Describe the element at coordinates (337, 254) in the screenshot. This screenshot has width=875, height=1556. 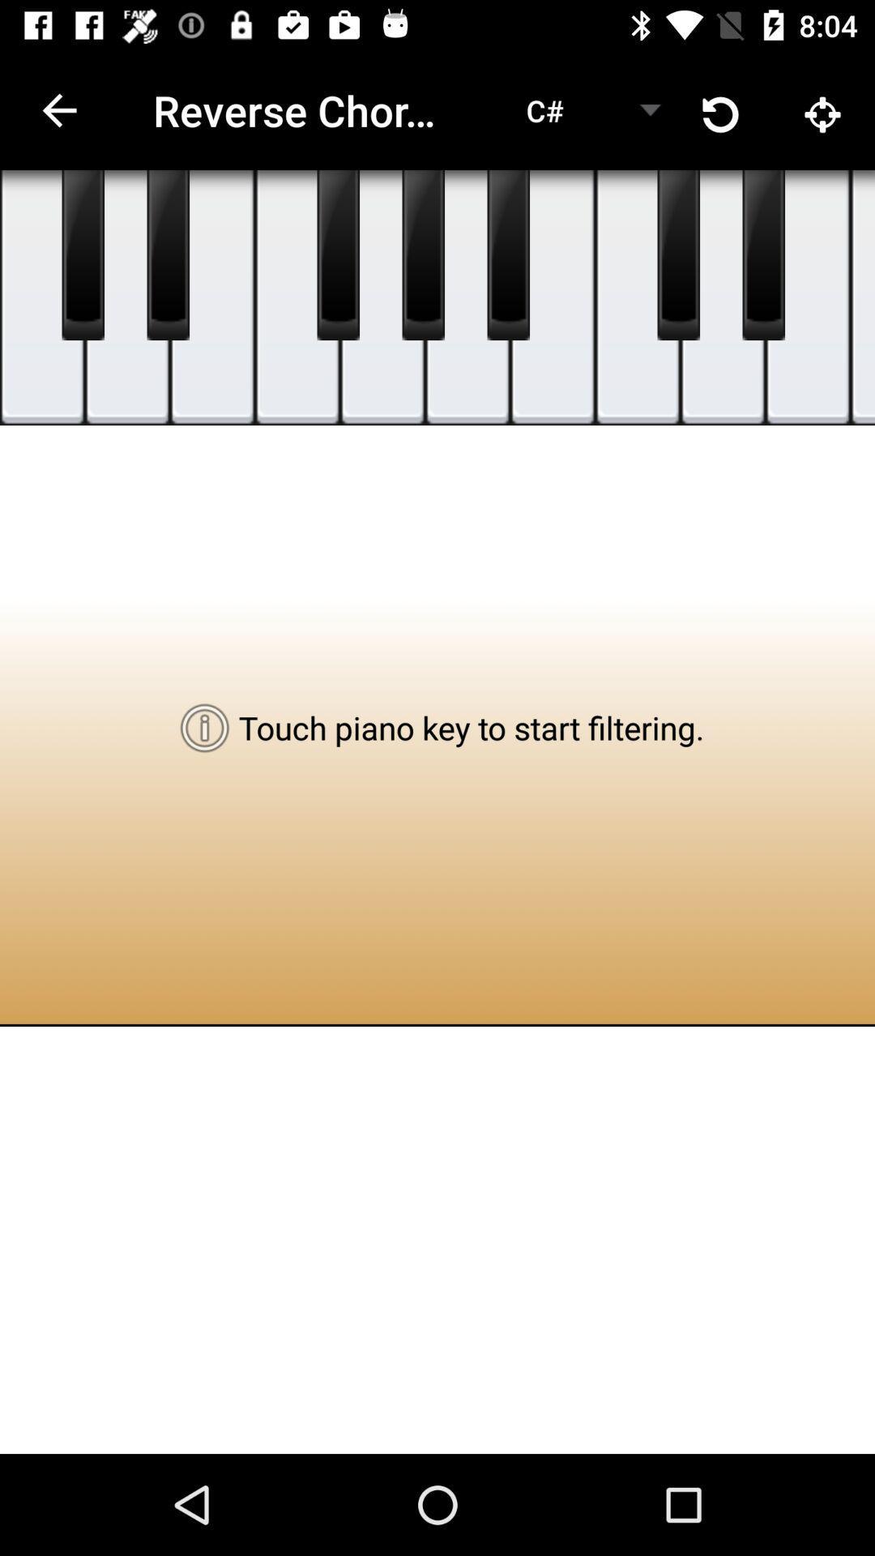
I see `piano key play` at that location.